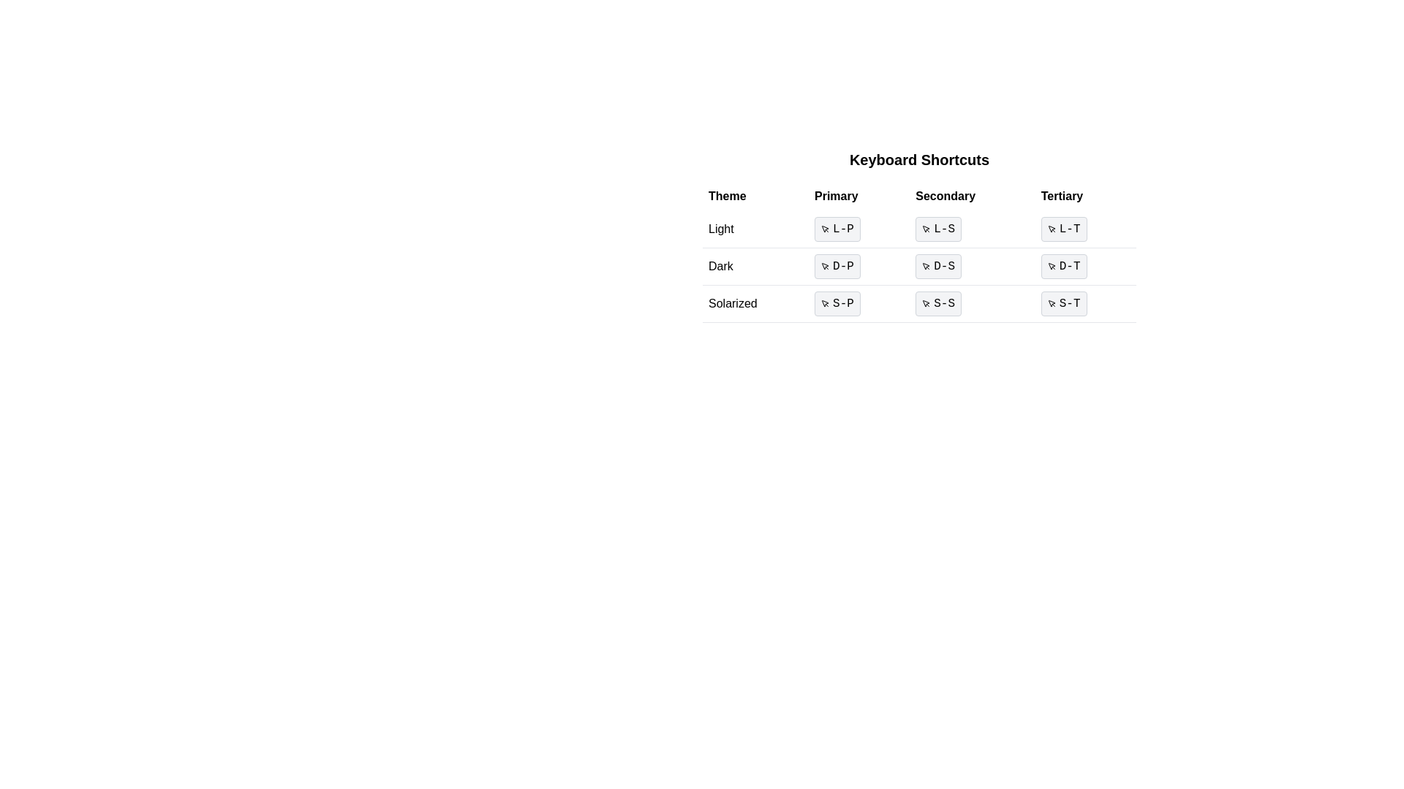 Image resolution: width=1404 pixels, height=789 pixels. What do you see at coordinates (1051, 229) in the screenshot?
I see `the button labeled 'L-T' which contains the mouse pointer SVG icon, located in the tertiary column of the Light row in the Keyboard Shortcuts table` at bounding box center [1051, 229].